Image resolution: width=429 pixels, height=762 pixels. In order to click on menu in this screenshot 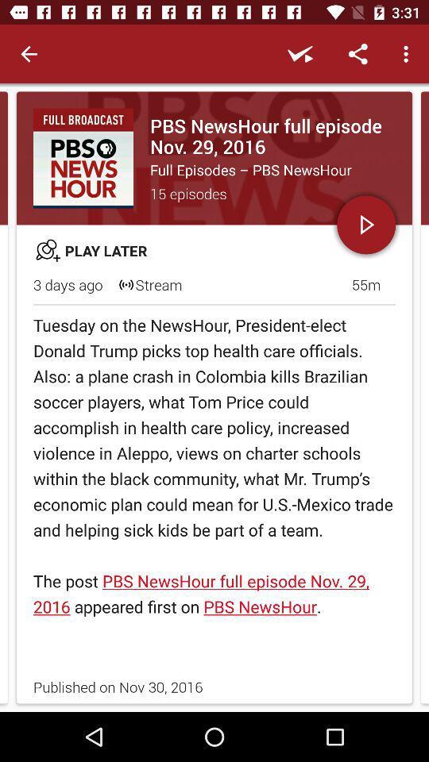, I will do `click(408, 54)`.